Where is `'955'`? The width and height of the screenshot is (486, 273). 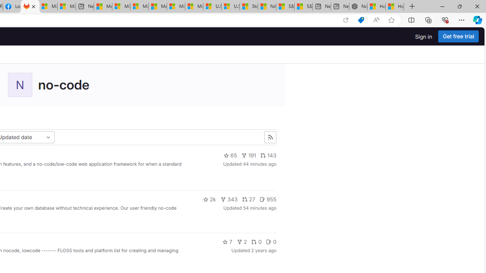 '955' is located at coordinates (268, 199).